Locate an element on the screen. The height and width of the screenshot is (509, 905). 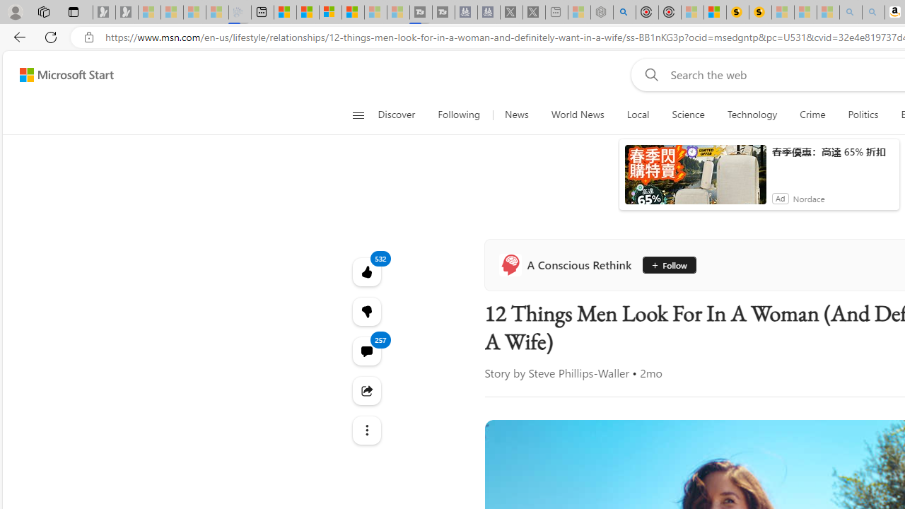
'Crime' is located at coordinates (812, 115).